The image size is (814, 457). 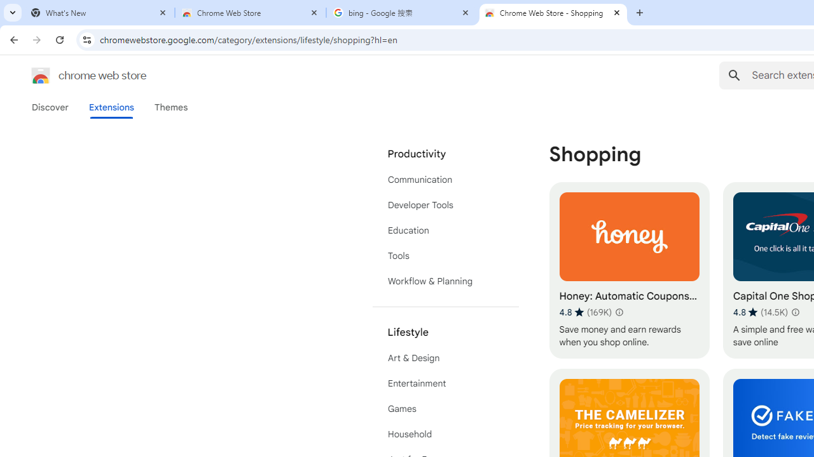 What do you see at coordinates (445, 358) in the screenshot?
I see `'Art & Design'` at bounding box center [445, 358].